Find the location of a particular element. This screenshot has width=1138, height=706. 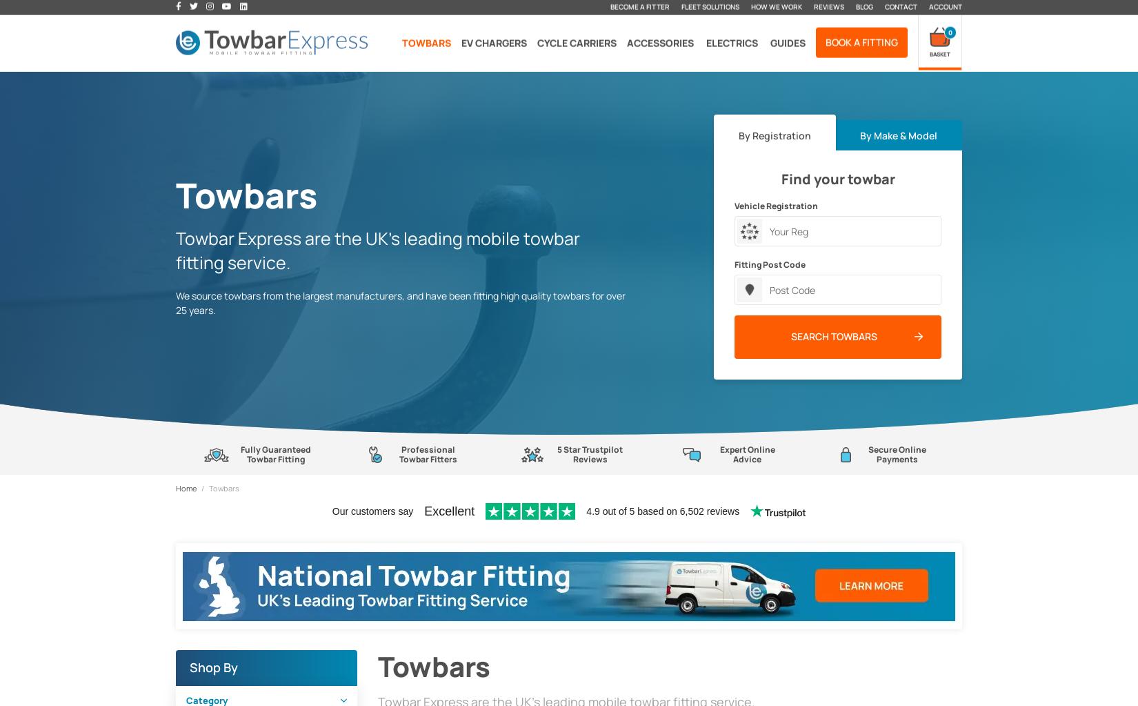

'By Registration' is located at coordinates (774, 135).